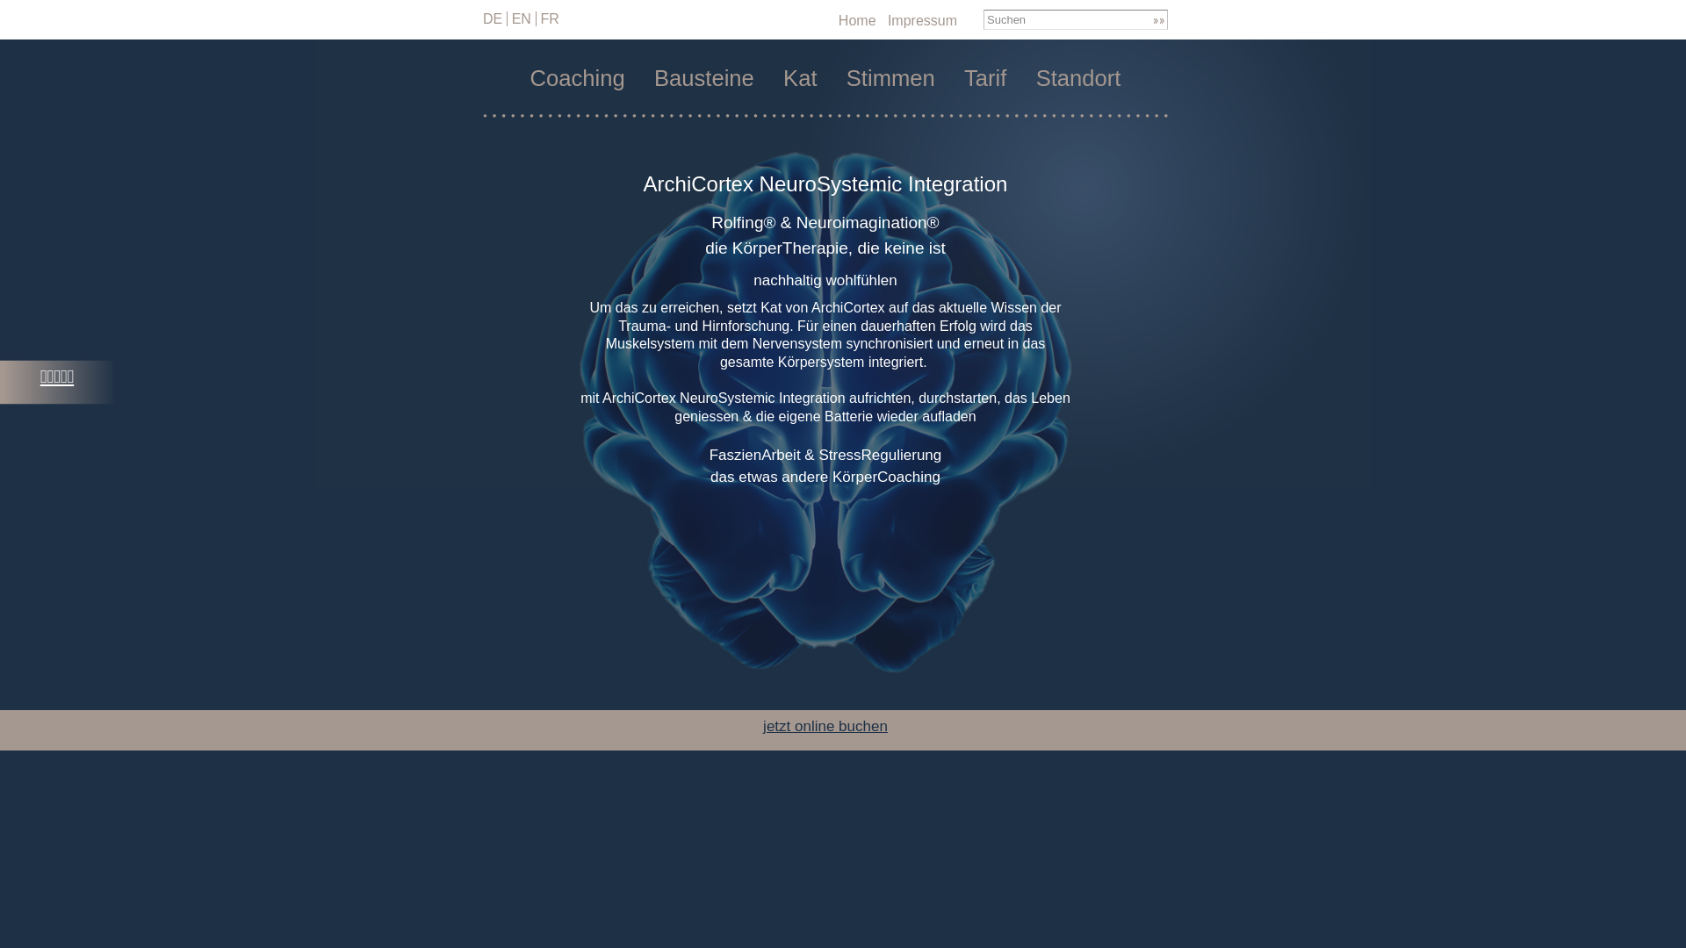  I want to click on 'Coaching', so click(577, 77).